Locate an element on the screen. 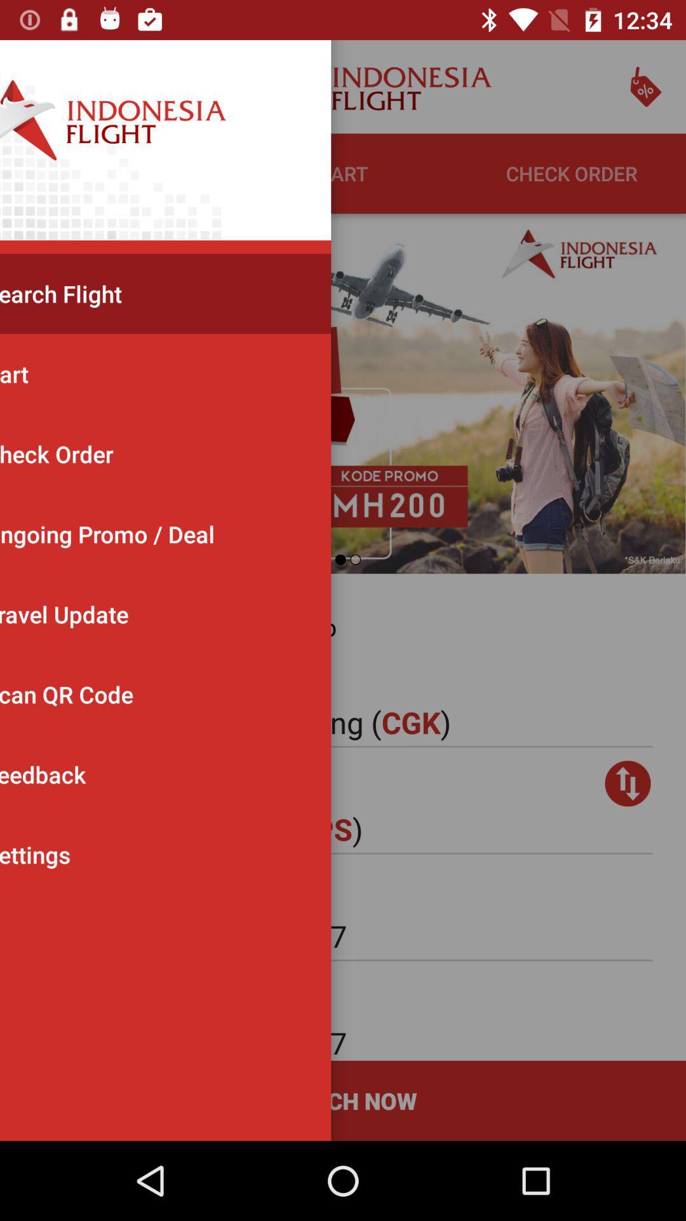 This screenshot has width=686, height=1221. the compare icon is located at coordinates (627, 783).